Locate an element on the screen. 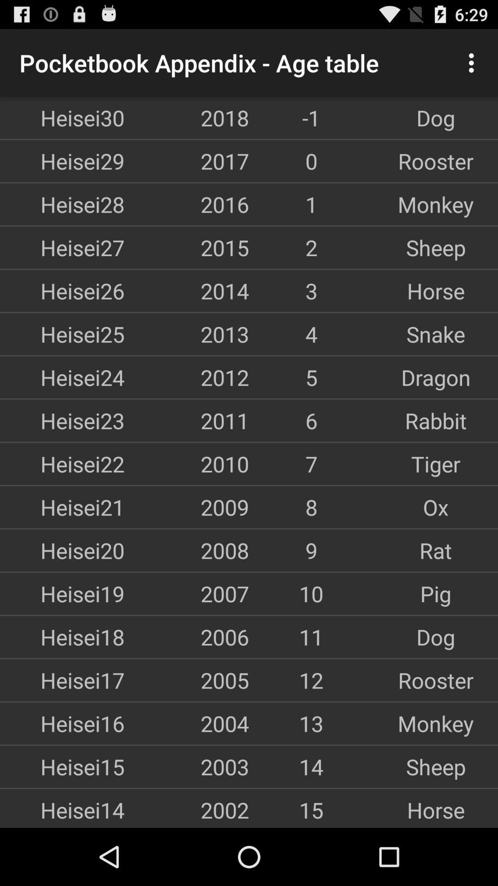 This screenshot has width=498, height=886. the icon above heisei23 icon is located at coordinates (62, 377).